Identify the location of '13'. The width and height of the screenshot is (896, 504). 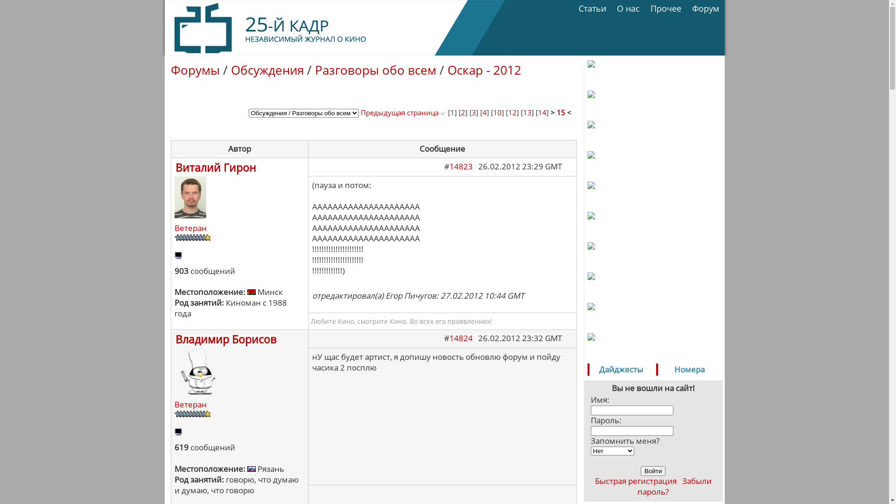
(526, 112).